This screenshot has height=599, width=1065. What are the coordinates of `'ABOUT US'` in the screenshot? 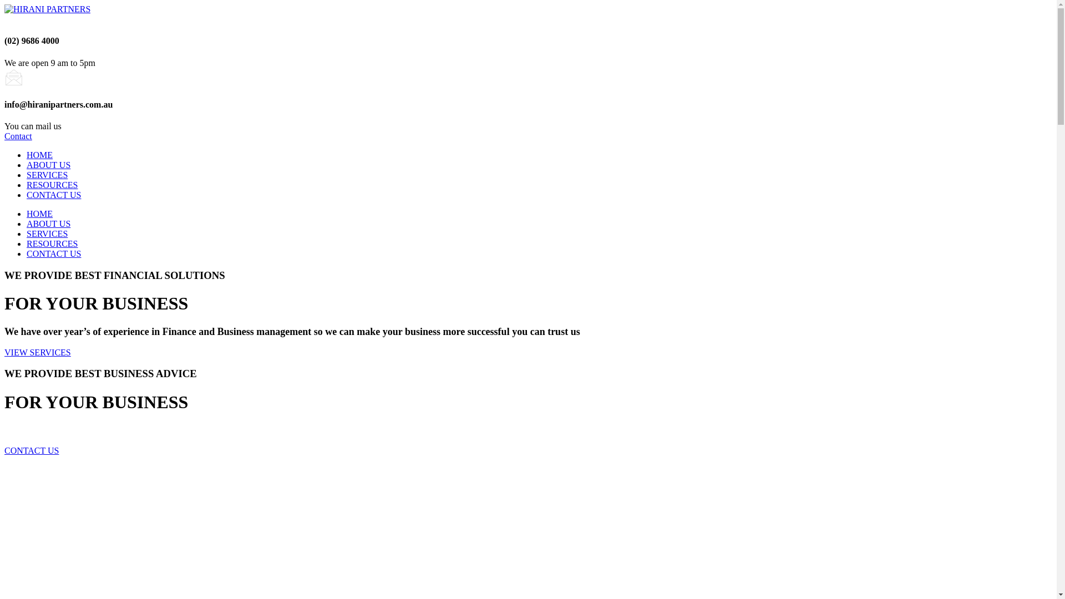 It's located at (48, 224).